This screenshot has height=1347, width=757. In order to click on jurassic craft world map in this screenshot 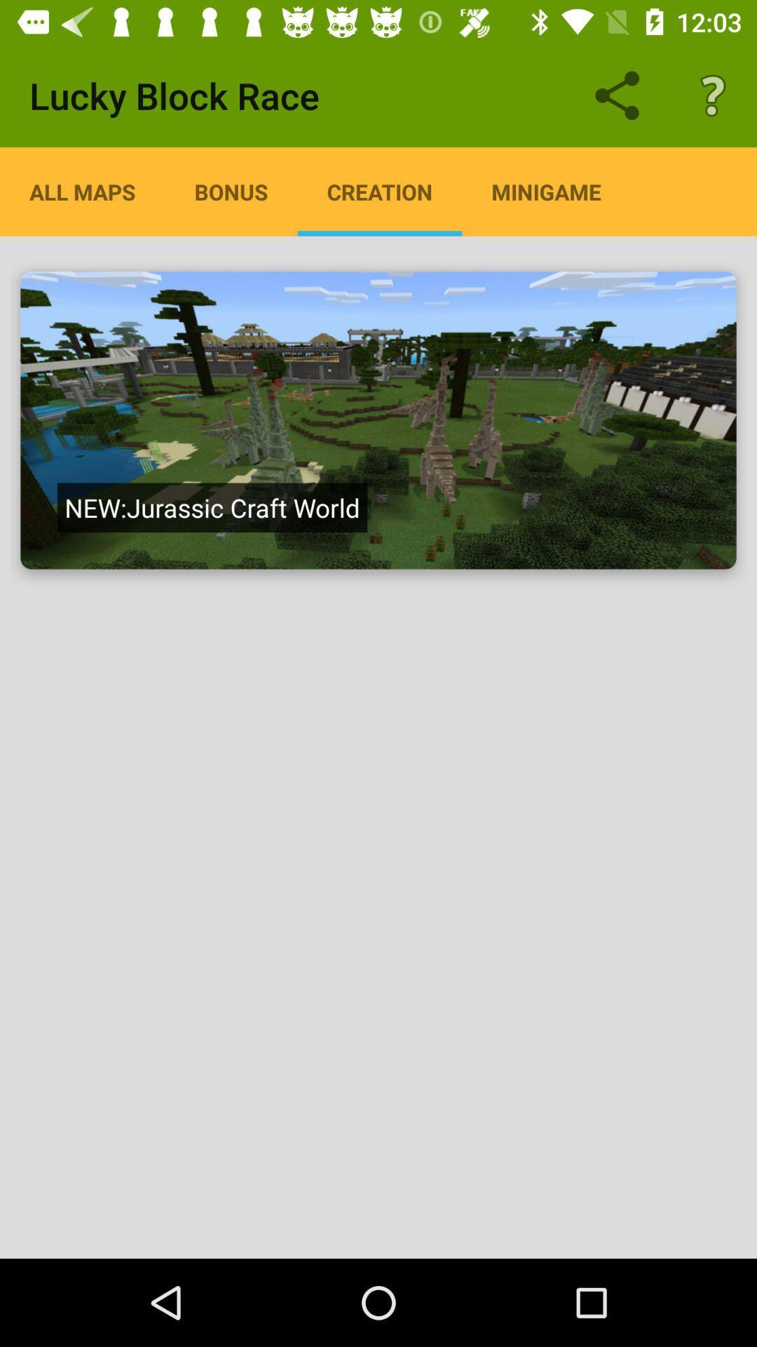, I will do `click(378, 420)`.